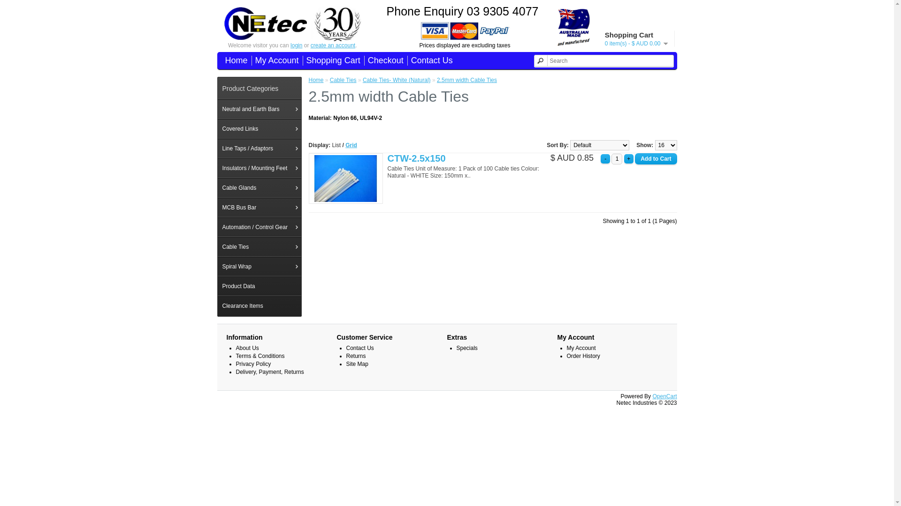 The width and height of the screenshot is (901, 506). Describe the element at coordinates (259, 285) in the screenshot. I see `'Product Data'` at that location.